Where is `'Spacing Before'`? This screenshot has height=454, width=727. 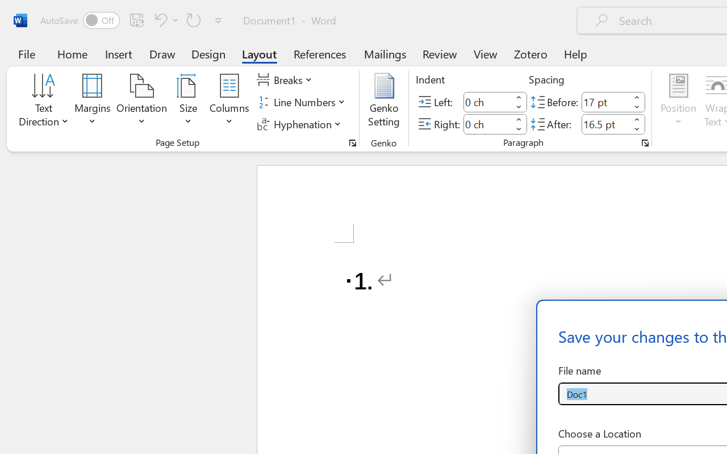
'Spacing Before' is located at coordinates (605, 101).